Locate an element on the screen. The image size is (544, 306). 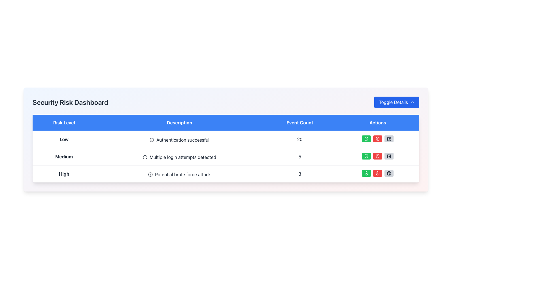
the 'Toggle Details' button with a blue background and white text located in the top-right corner of the 'Security Risk Dashboard' is located at coordinates (396, 102).